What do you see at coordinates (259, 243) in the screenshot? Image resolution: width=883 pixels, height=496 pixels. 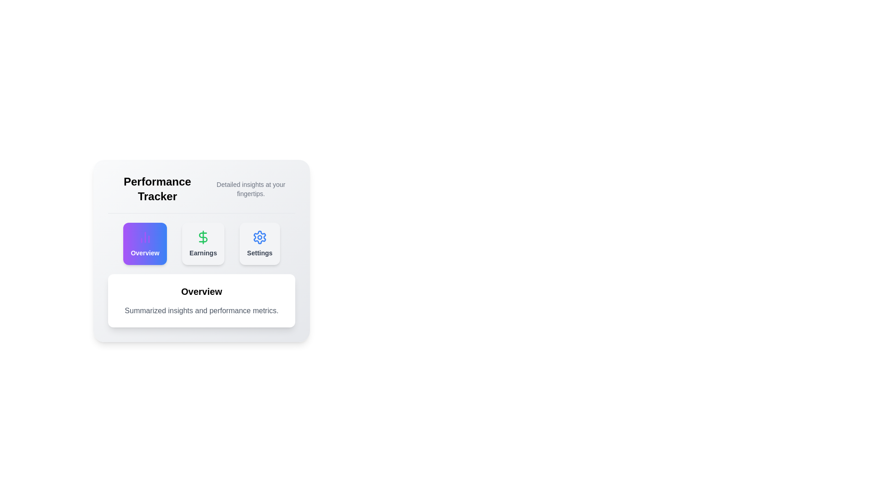 I see `the Settings tab to view its detailed insights` at bounding box center [259, 243].